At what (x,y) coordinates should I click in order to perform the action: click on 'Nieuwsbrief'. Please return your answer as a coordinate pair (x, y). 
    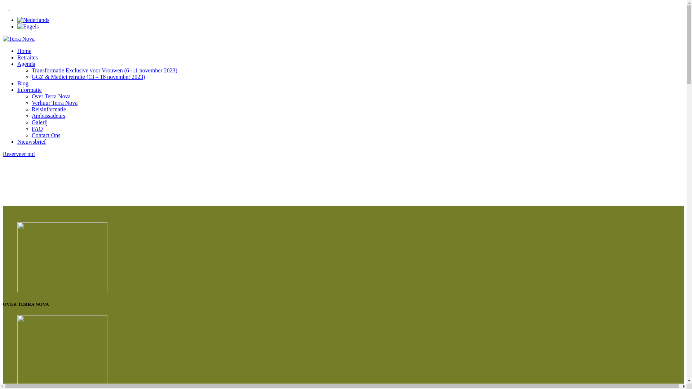
    Looking at the image, I should click on (31, 142).